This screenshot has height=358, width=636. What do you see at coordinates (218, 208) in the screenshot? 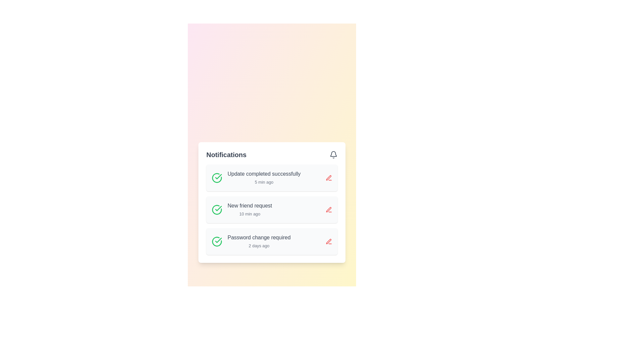
I see `the bold green checkmark icon located on the left side of the first notification in the notification panel` at bounding box center [218, 208].